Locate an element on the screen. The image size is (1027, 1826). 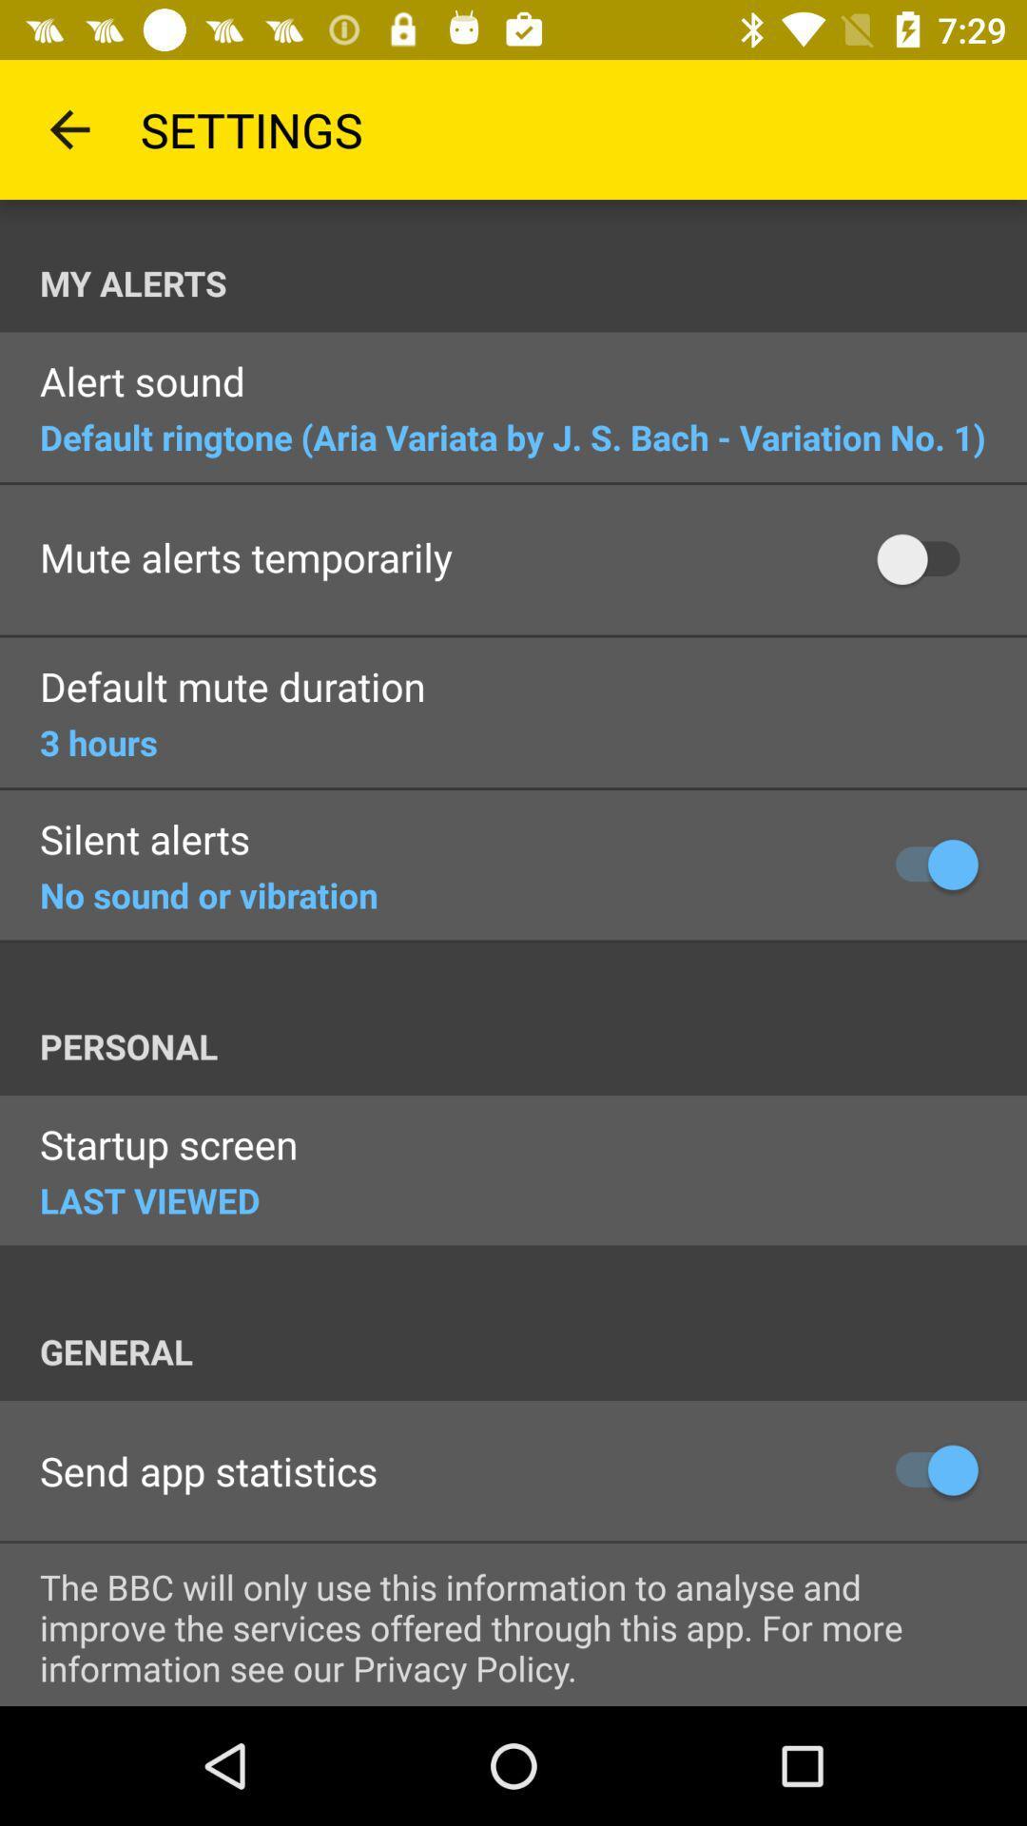
the item next to the settings item is located at coordinates (68, 128).